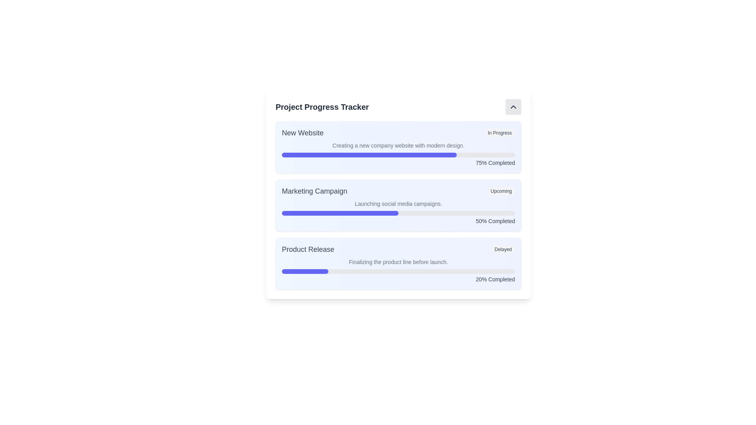 This screenshot has height=425, width=756. I want to click on the progress bar on the 'Marketing Campaign' card, which is the second card in the 'Project Progress Tracker' section, displaying the progress of 50% completed, so click(398, 205).